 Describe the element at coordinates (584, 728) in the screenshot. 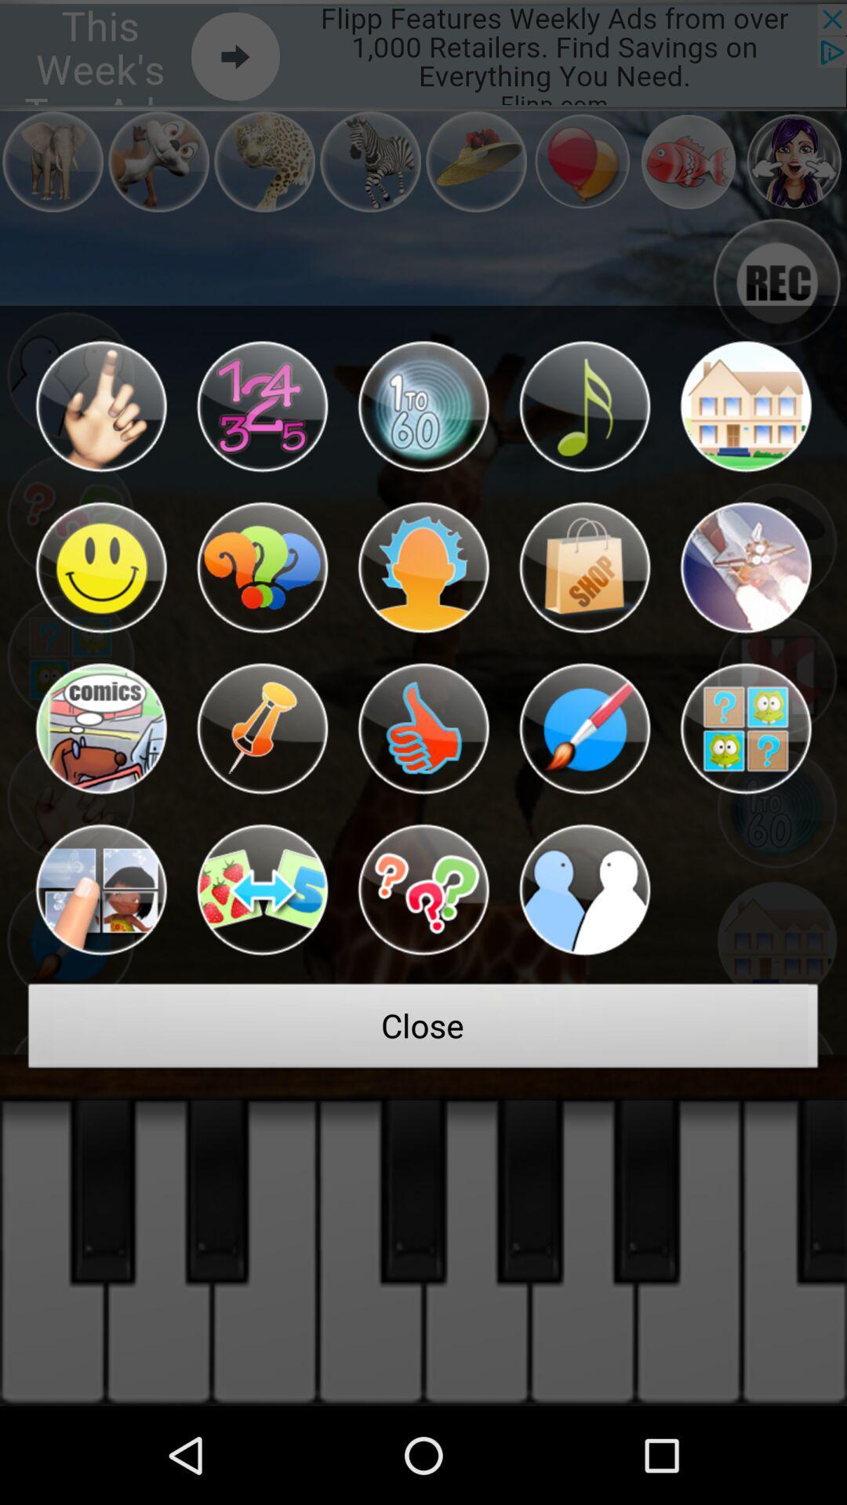

I see `game` at that location.